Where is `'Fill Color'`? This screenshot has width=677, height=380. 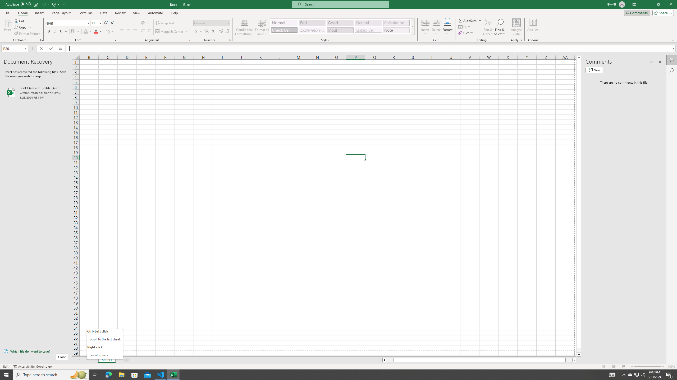
'Fill Color' is located at coordinates (87, 31).